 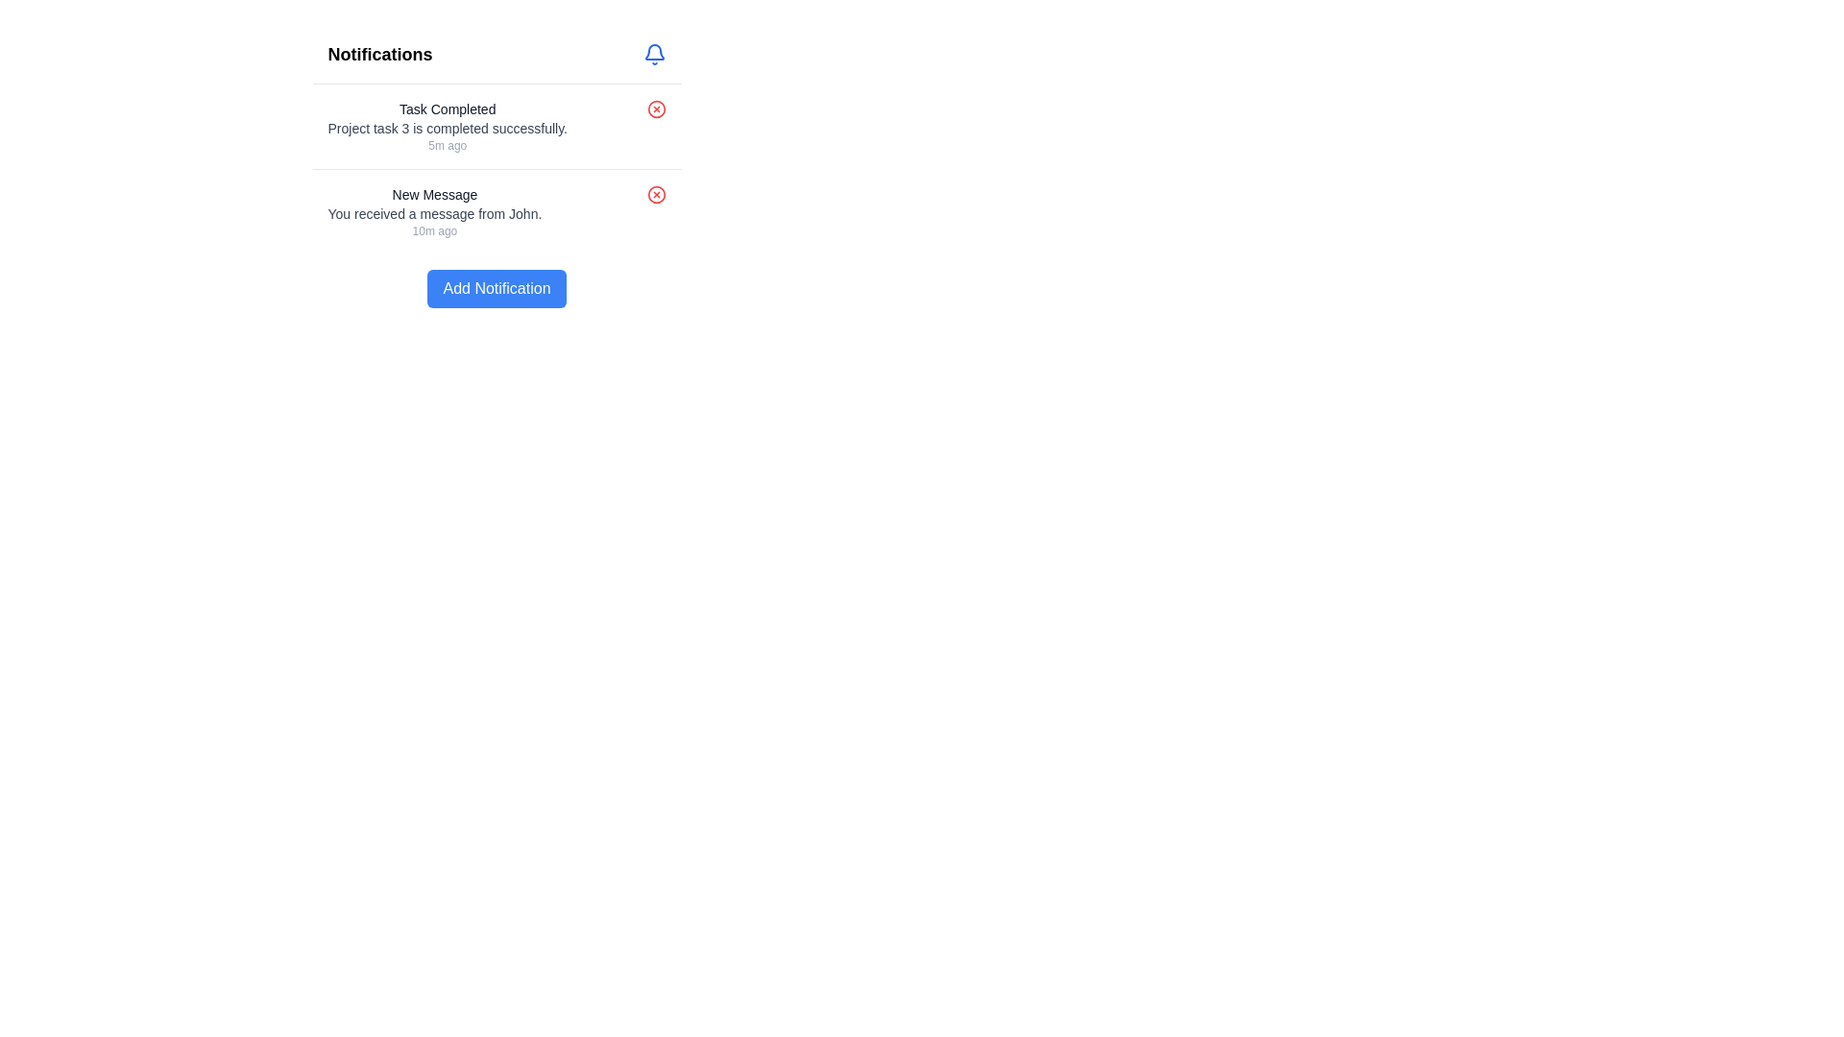 What do you see at coordinates (447, 144) in the screenshot?
I see `the Text Label that displays the relative timestamp in the 'Task Completed' notification card` at bounding box center [447, 144].